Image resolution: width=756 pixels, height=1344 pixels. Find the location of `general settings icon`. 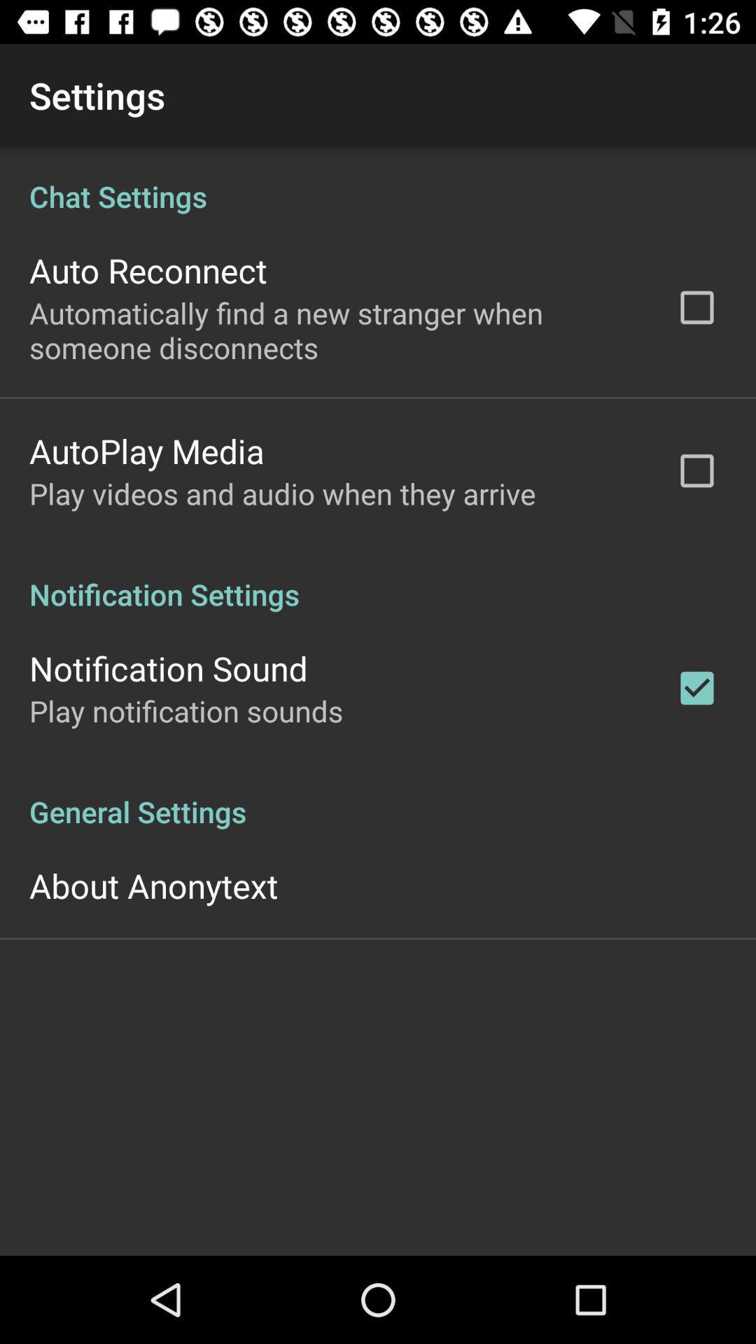

general settings icon is located at coordinates (378, 797).